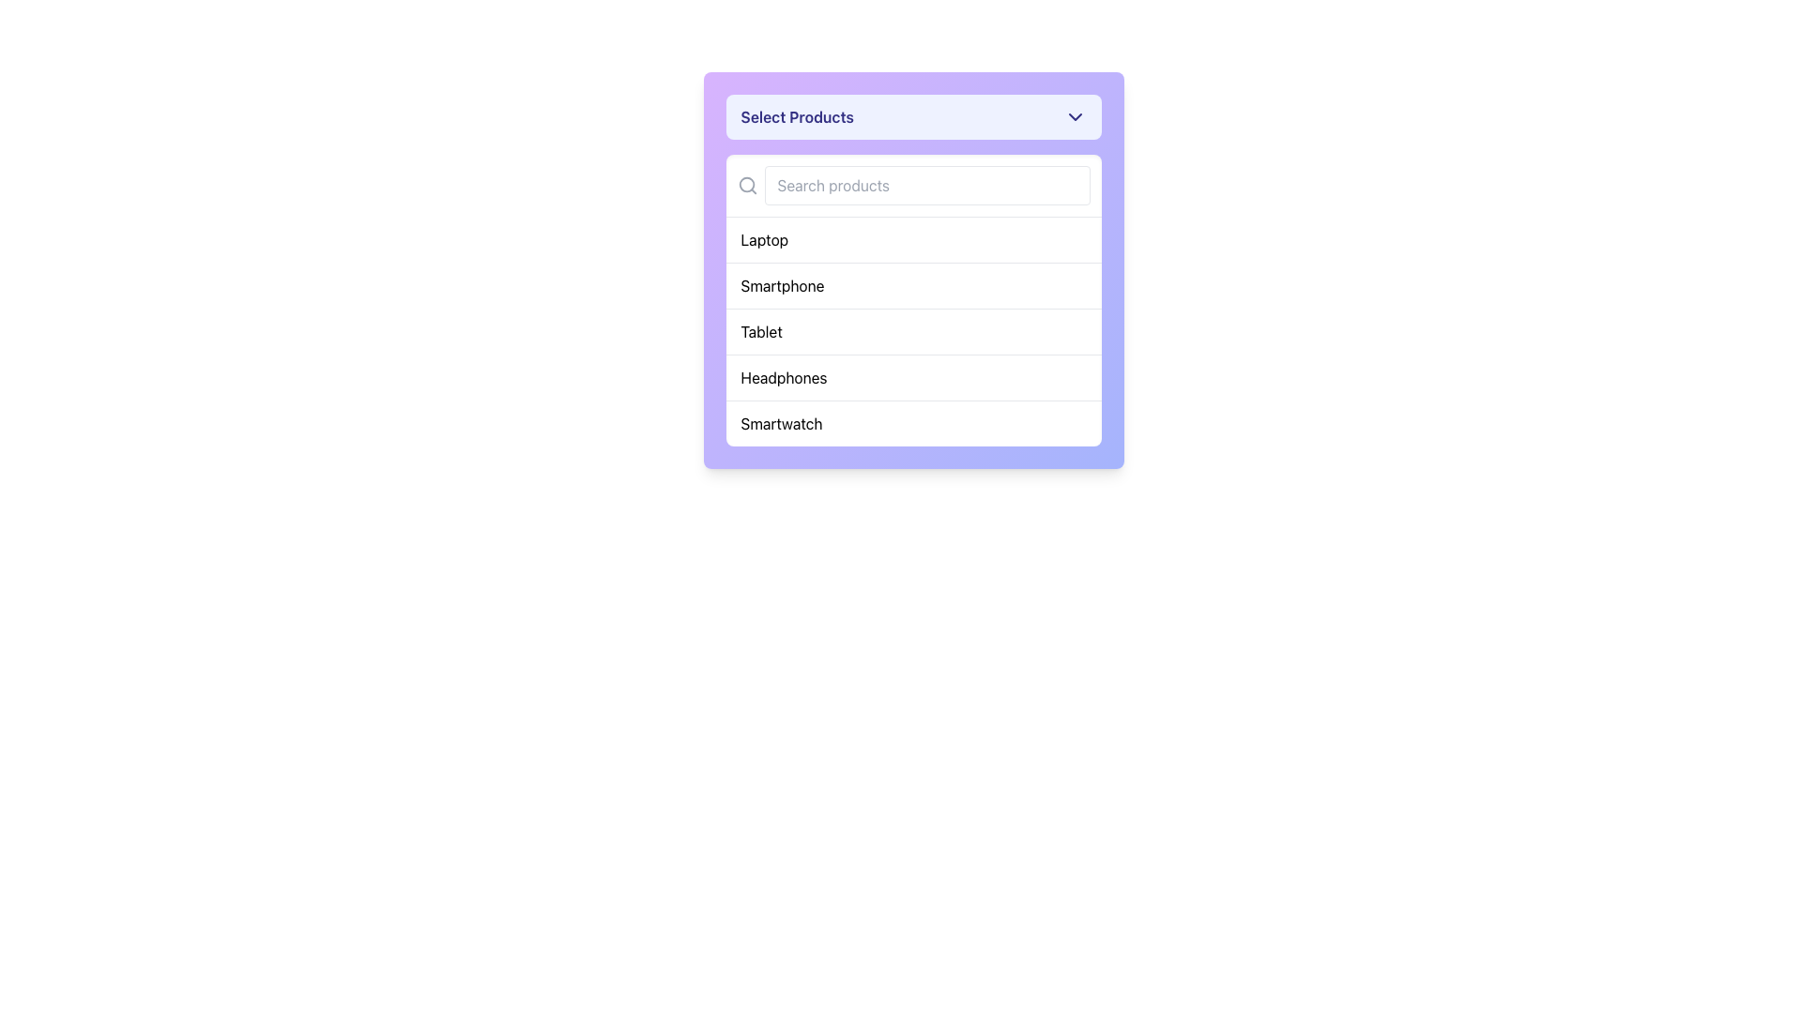  What do you see at coordinates (745, 185) in the screenshot?
I see `the circular lens part of the magnifying glass icon located in the top-left corner of the search bar` at bounding box center [745, 185].